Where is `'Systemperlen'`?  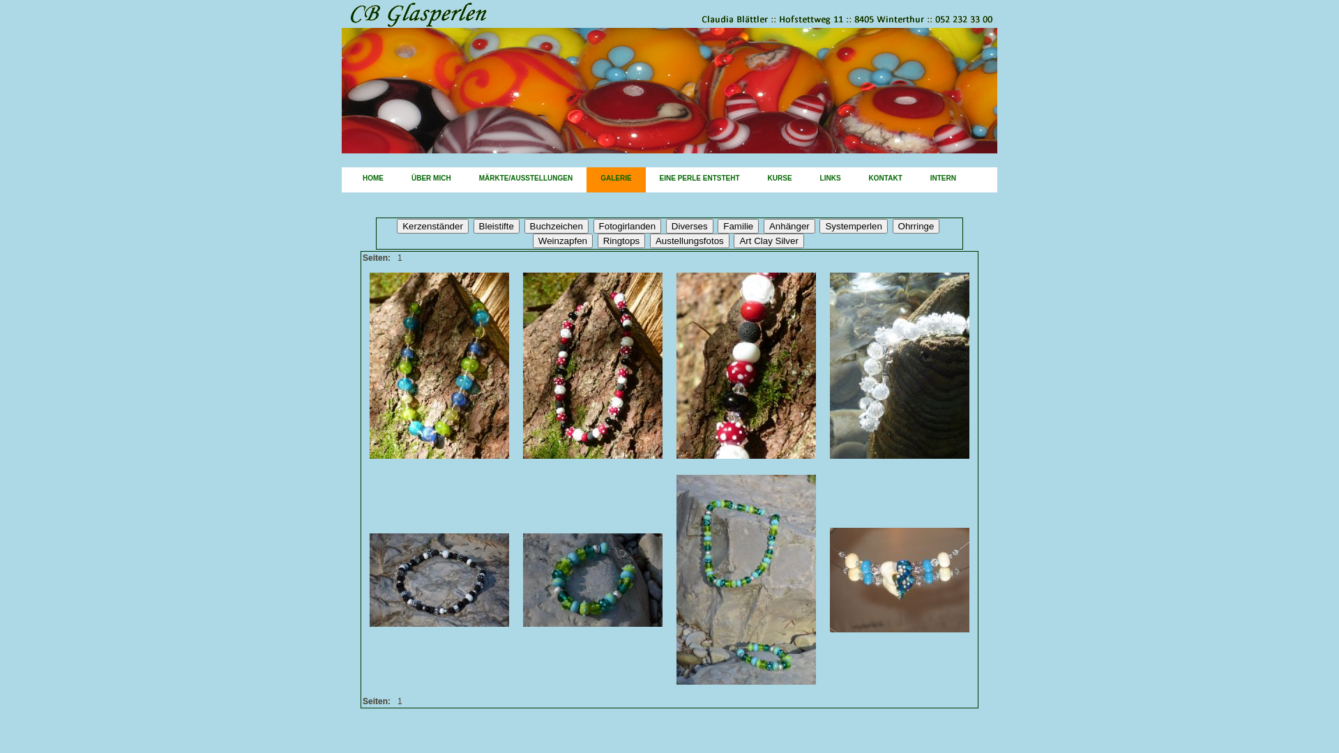
'Systemperlen' is located at coordinates (853, 225).